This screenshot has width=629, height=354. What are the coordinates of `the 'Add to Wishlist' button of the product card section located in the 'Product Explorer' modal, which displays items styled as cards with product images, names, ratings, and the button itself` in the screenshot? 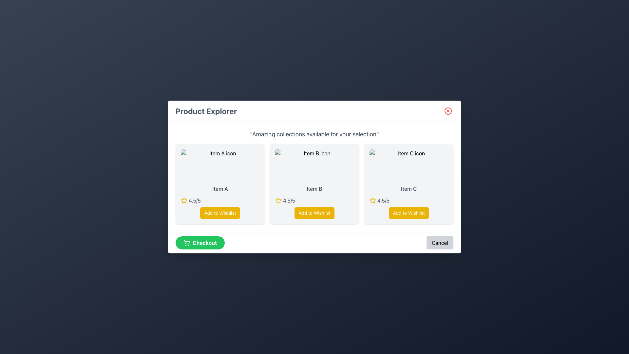 It's located at (314, 177).